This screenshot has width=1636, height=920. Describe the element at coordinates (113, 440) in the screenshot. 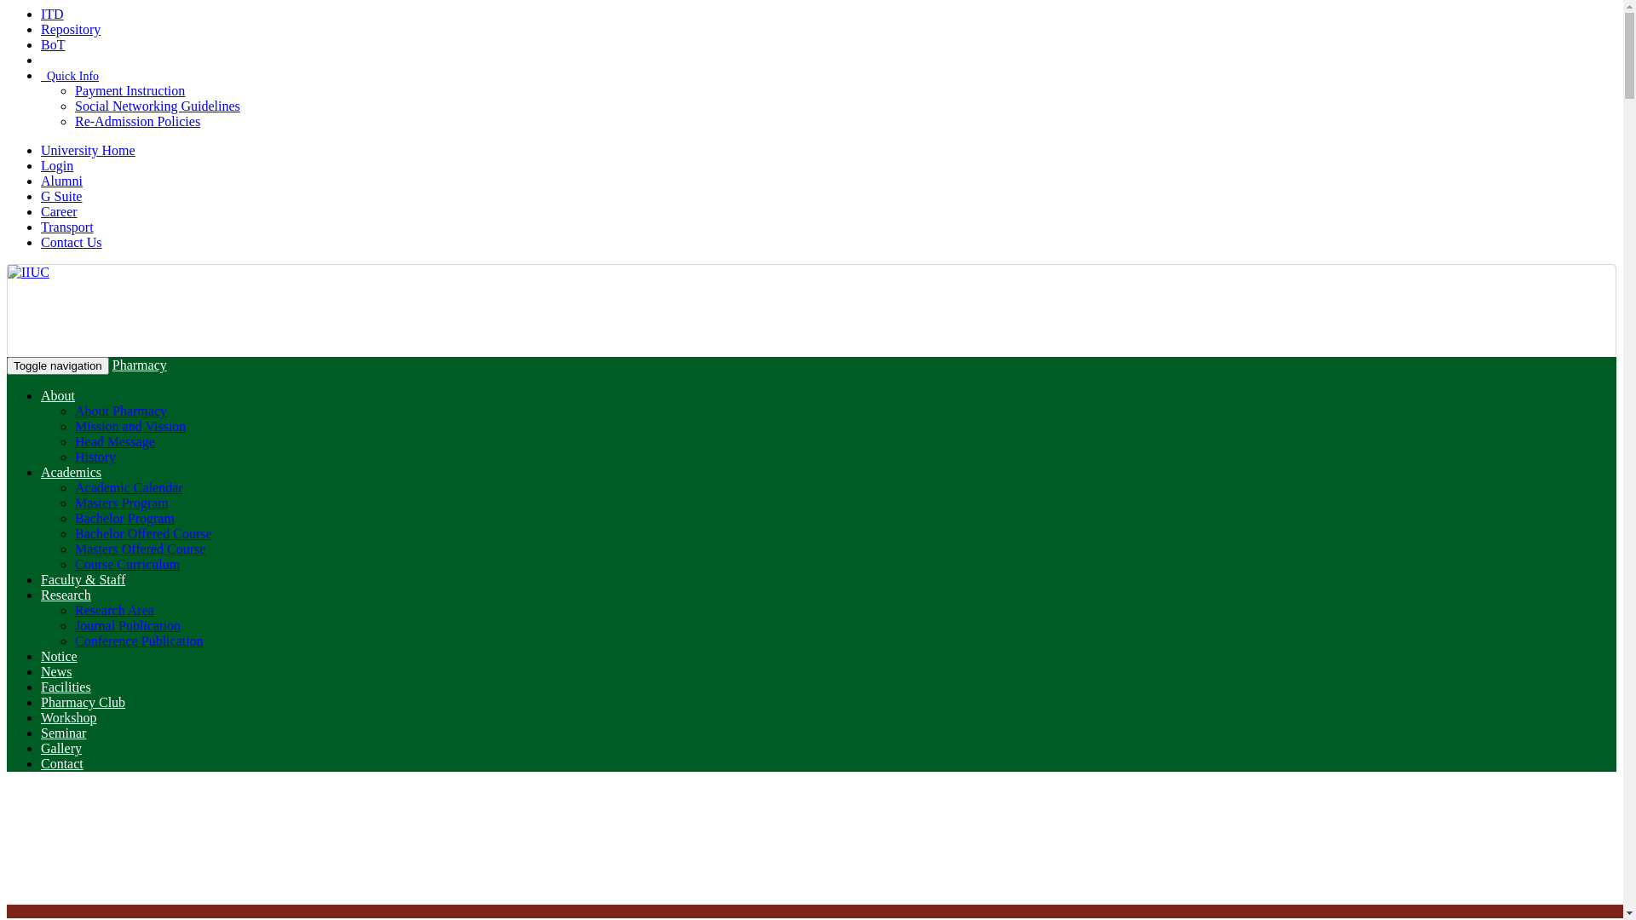

I see `'Head Message'` at that location.